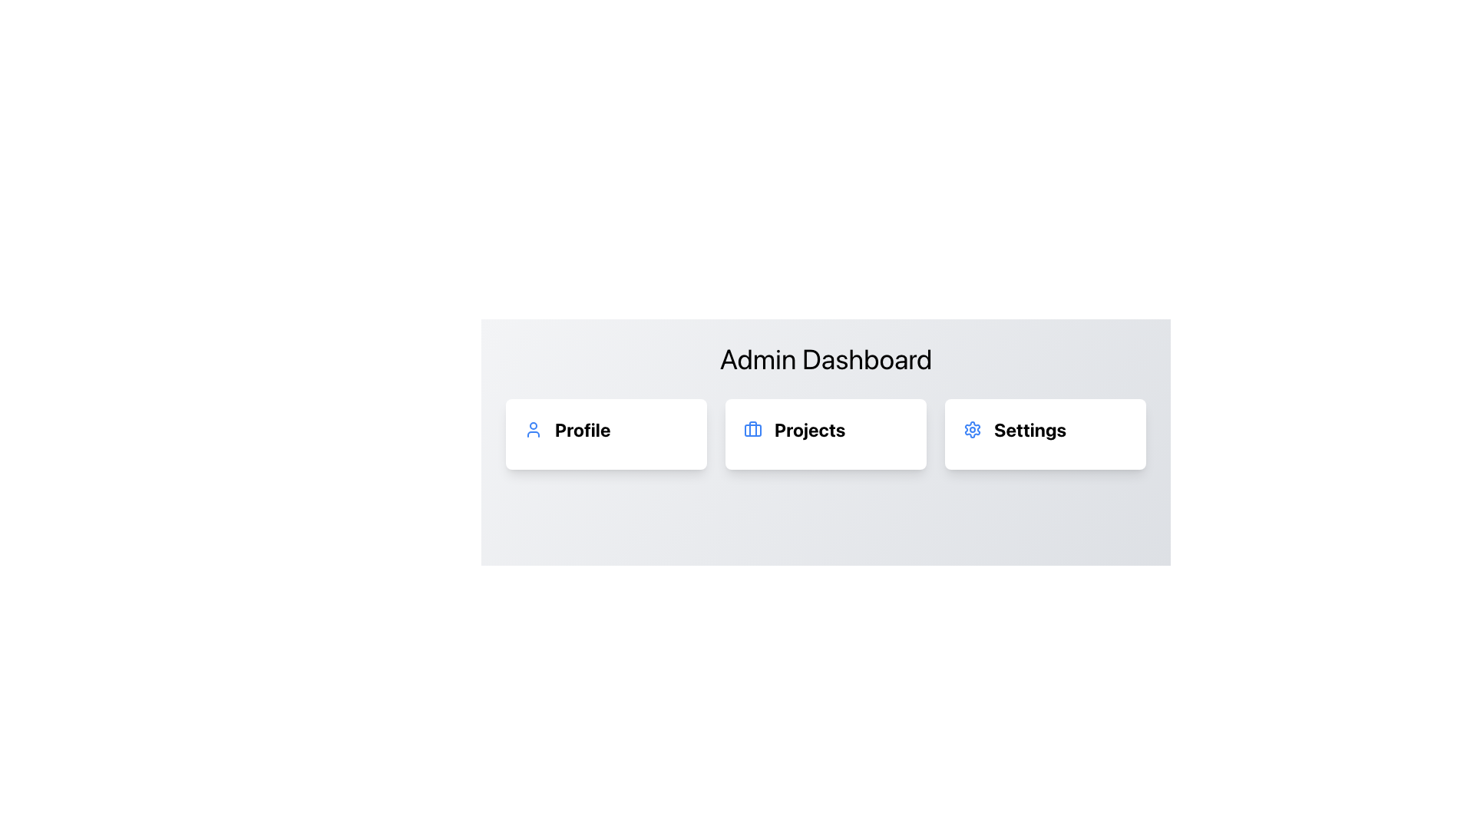  I want to click on the 'Settings' text with gear icon element, so click(1045, 429).